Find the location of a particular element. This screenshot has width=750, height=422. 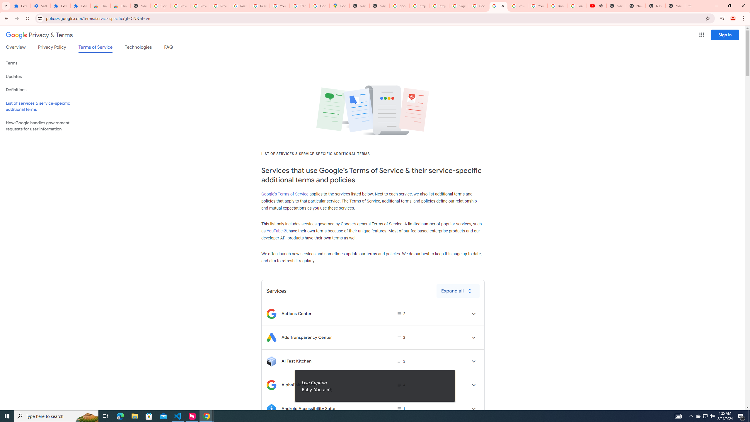

'https://scholar.google.com/' is located at coordinates (419, 6).